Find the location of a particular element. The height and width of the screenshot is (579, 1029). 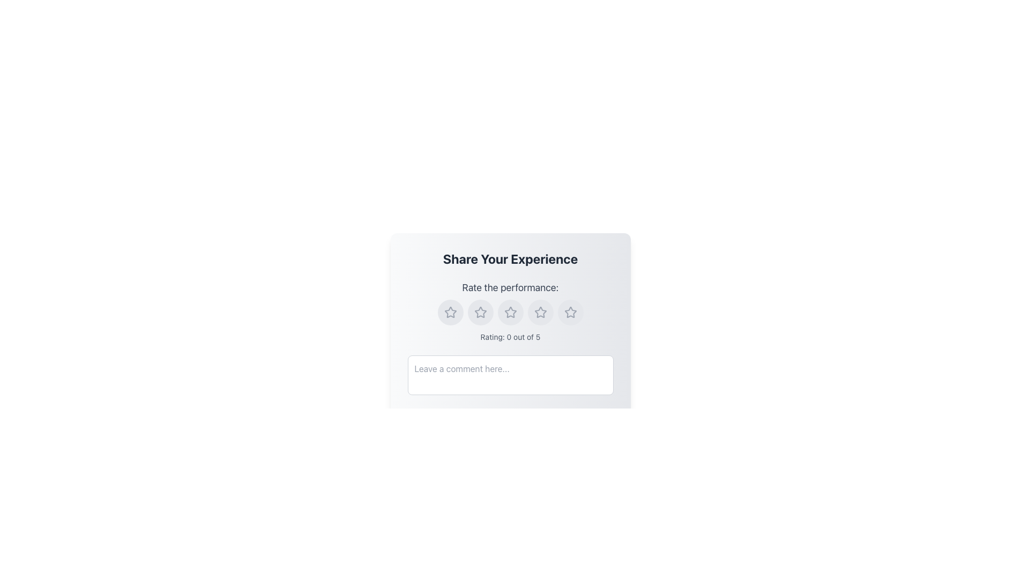

the header text labeled 'Share Your Experience.' which is styled in bold and dark gray, positioned at the top of the feedback form layout is located at coordinates (510, 258).